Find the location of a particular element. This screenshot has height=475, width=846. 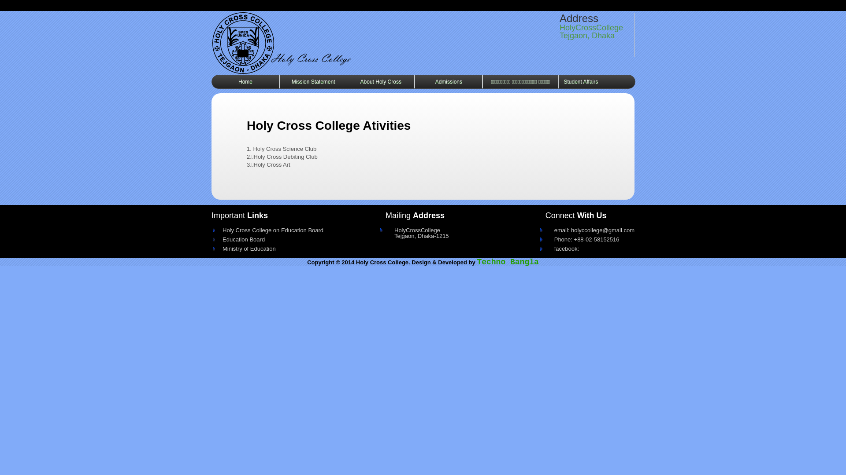

'Ministry of Education' is located at coordinates (285, 247).